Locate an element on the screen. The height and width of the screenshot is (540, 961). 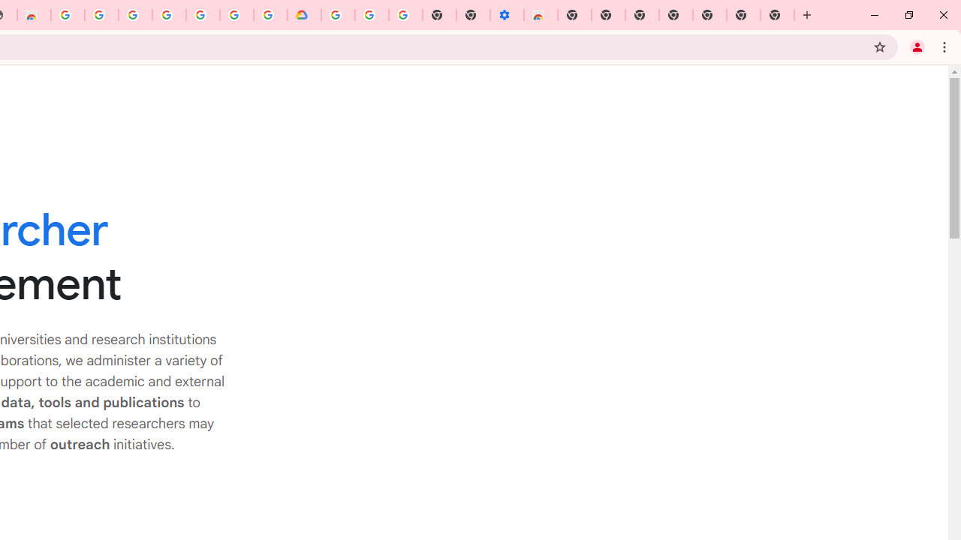
'Settings - Accessibility' is located at coordinates (507, 15).